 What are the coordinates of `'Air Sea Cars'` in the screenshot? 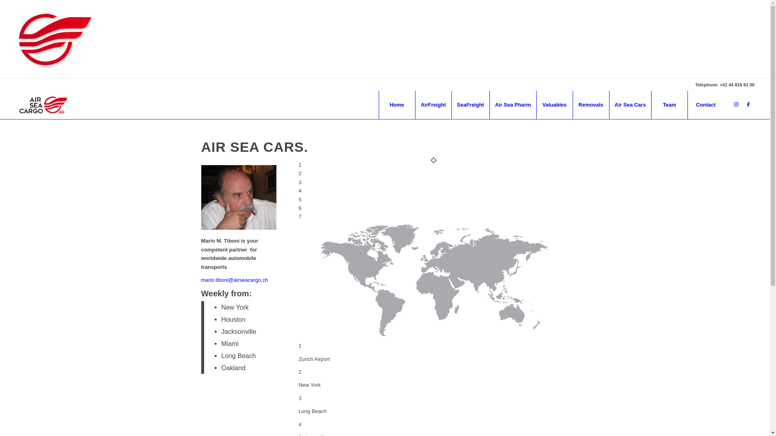 It's located at (609, 104).